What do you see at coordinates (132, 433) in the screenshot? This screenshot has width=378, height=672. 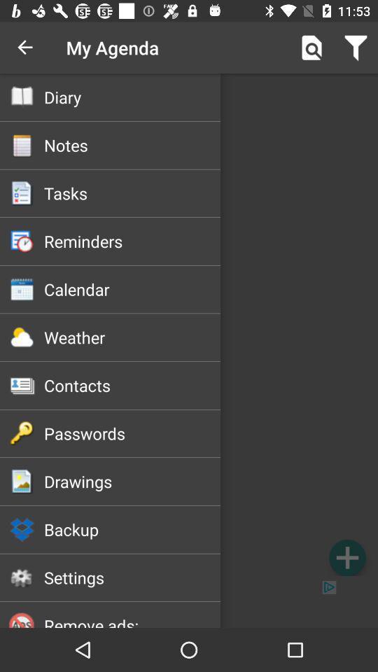 I see `the item above the drawings` at bounding box center [132, 433].